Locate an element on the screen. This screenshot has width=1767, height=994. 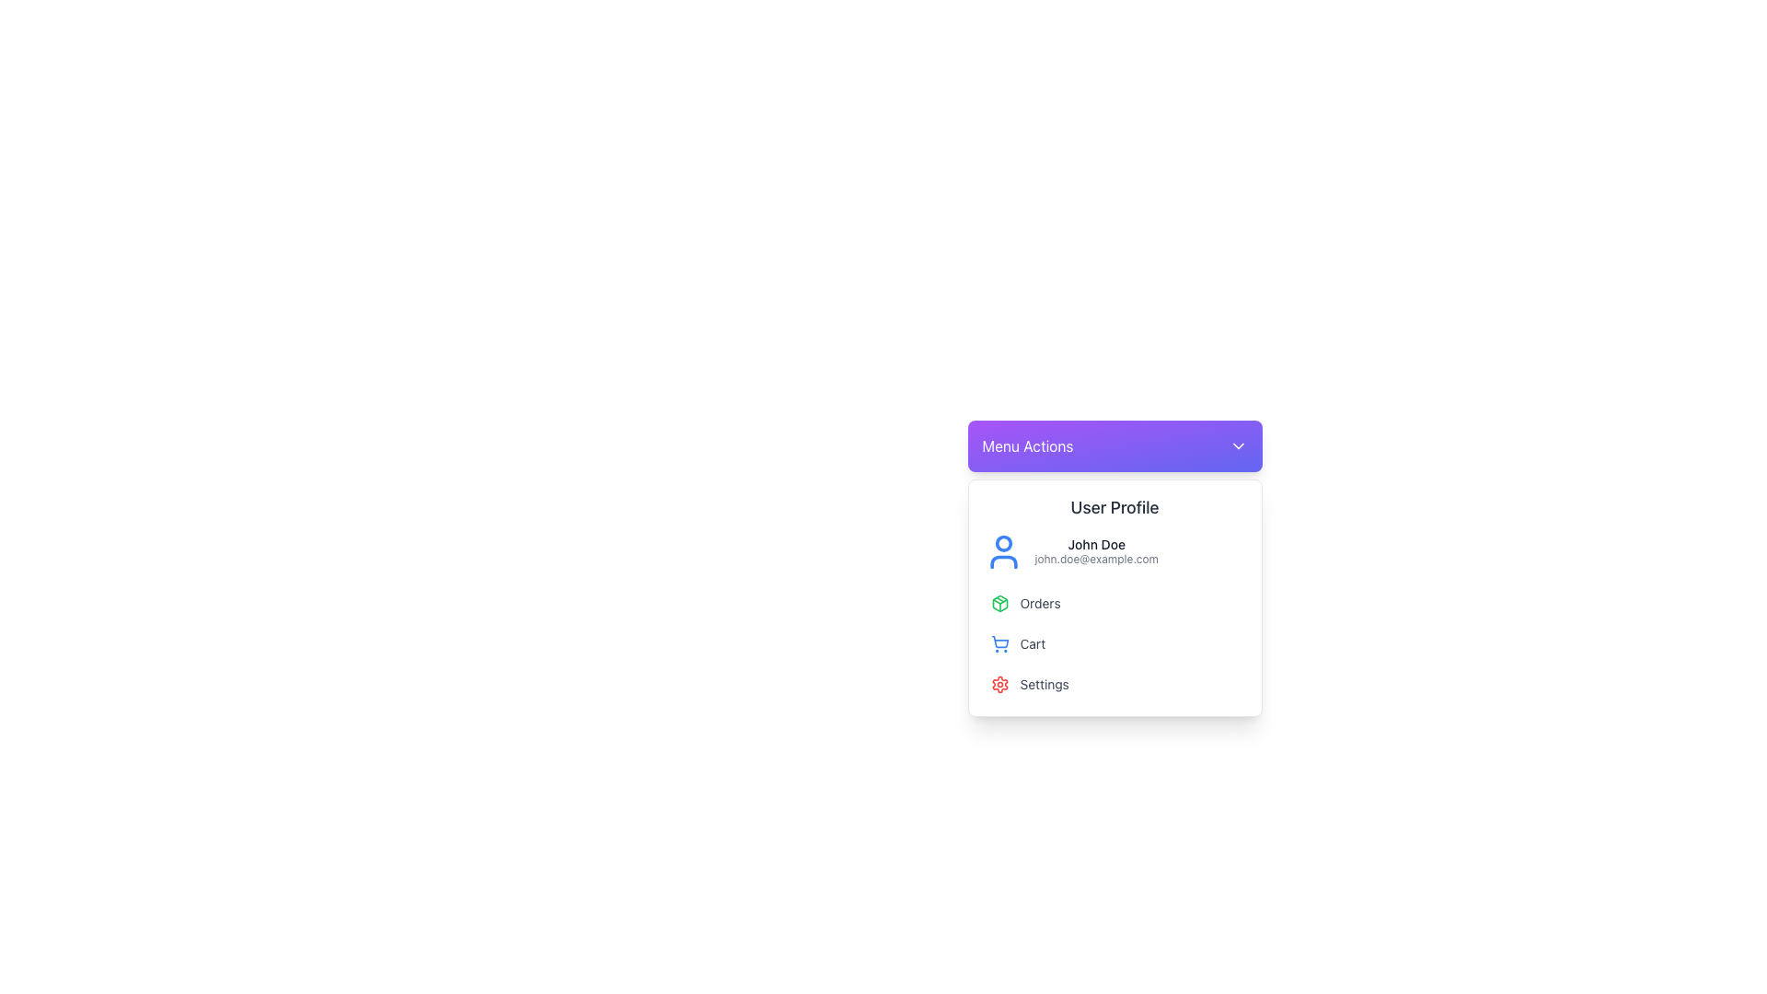
the user profile section displaying 'John Doe' and 'john.doe@example.com', which includes a blue circular user icon to the left, located below the 'User Profile' label in the dropdown menu is located at coordinates (1114, 551).